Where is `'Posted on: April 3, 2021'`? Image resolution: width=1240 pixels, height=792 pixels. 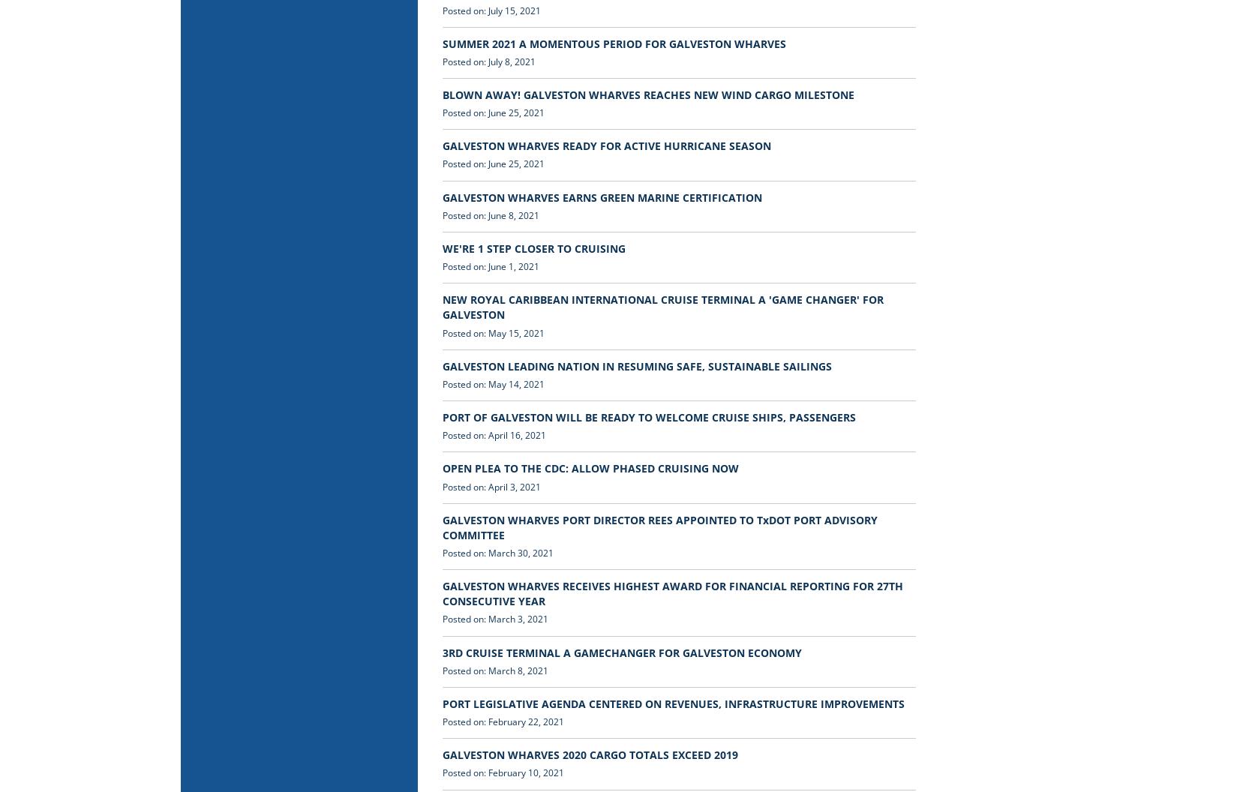
'Posted on: April 3, 2021' is located at coordinates (491, 485).